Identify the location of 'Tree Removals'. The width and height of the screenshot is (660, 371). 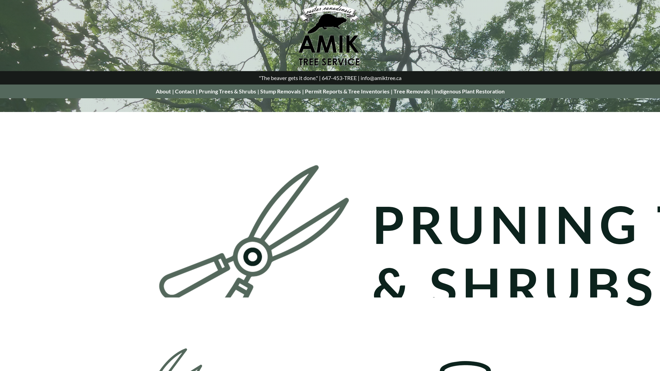
(411, 91).